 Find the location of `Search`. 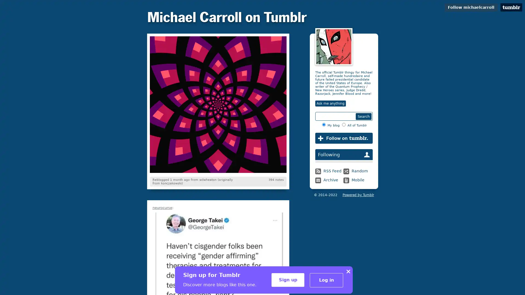

Search is located at coordinates (363, 116).